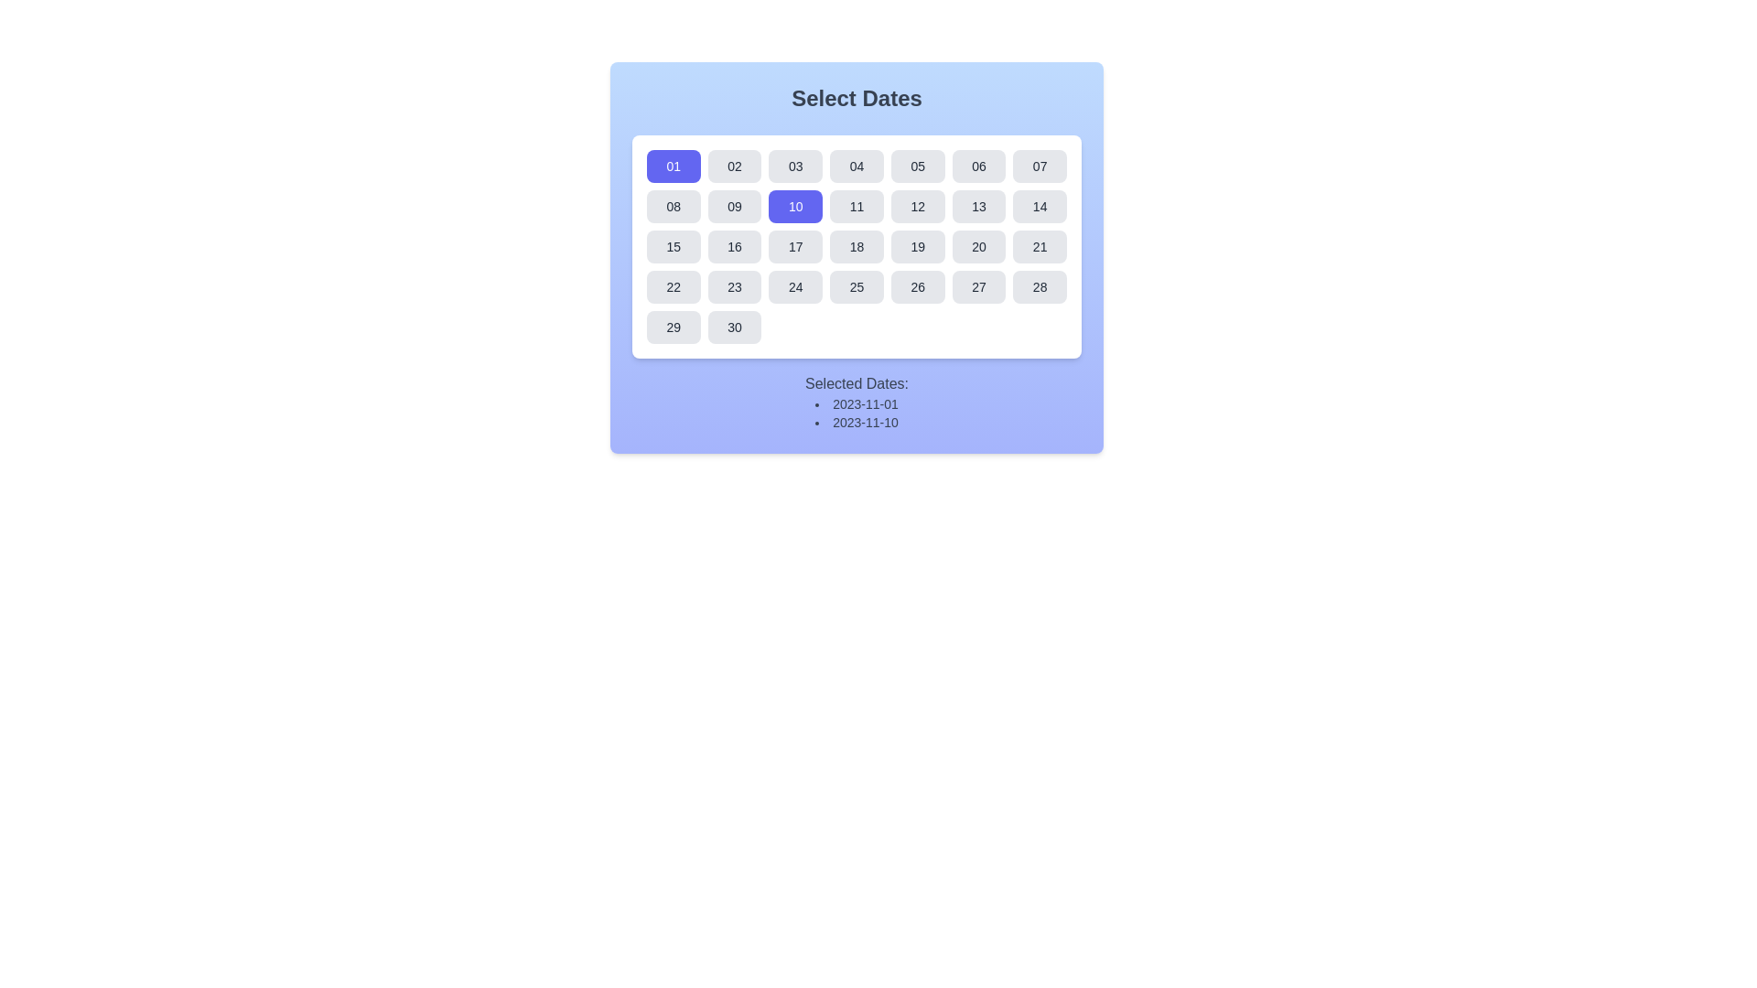 This screenshot has width=1757, height=988. I want to click on the Text Label that contains the text 'Selected Dates:' styled with a medium-weight font, located on a light-blue background, positioned above the date entries in the calendar UI, so click(856, 383).